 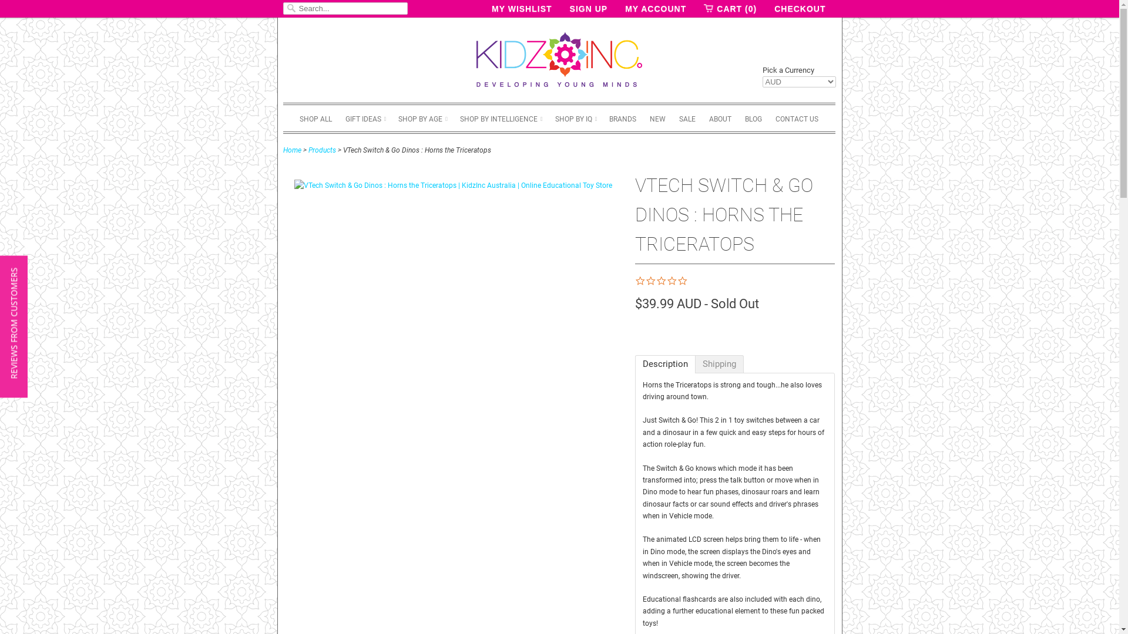 What do you see at coordinates (655, 9) in the screenshot?
I see `'MY ACCOUNT'` at bounding box center [655, 9].